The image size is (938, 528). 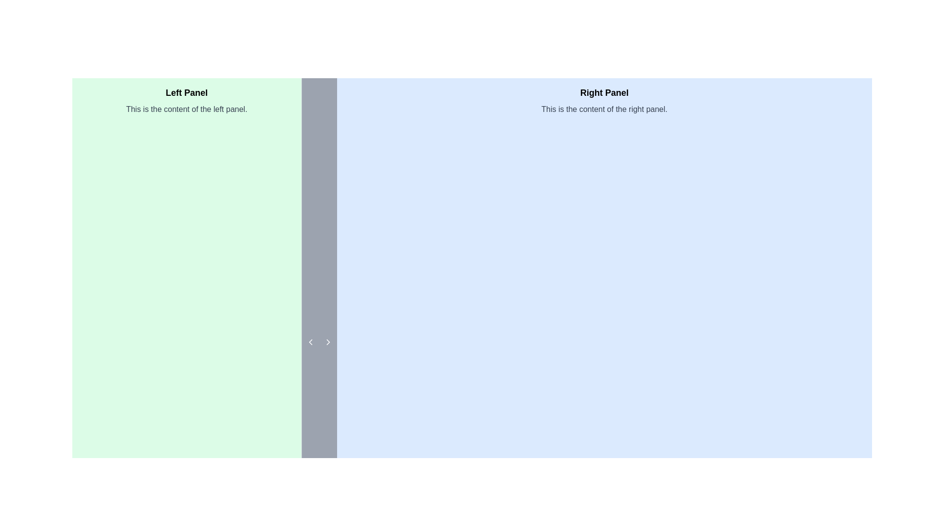 I want to click on prominently styled bold text 'Right Panel' located at the top of the right-hand section of the interface, so click(x=604, y=92).